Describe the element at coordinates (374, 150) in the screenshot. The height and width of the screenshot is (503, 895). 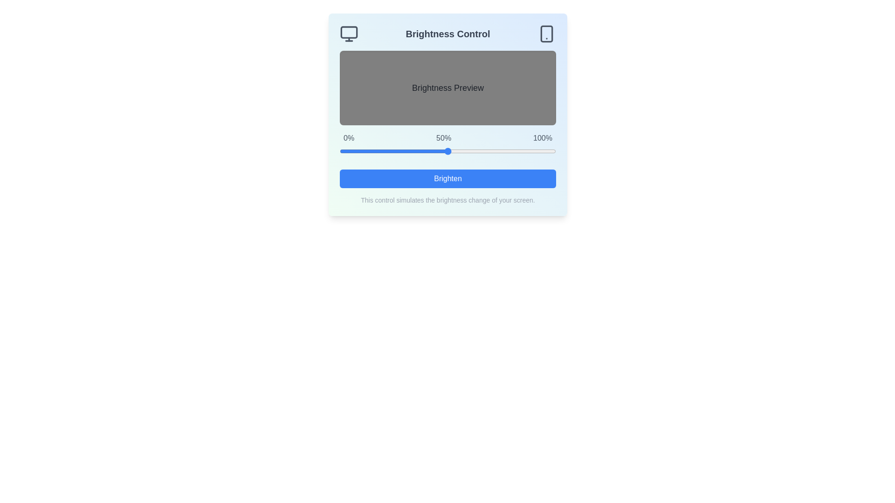
I see `the brightness slider to 16%` at that location.